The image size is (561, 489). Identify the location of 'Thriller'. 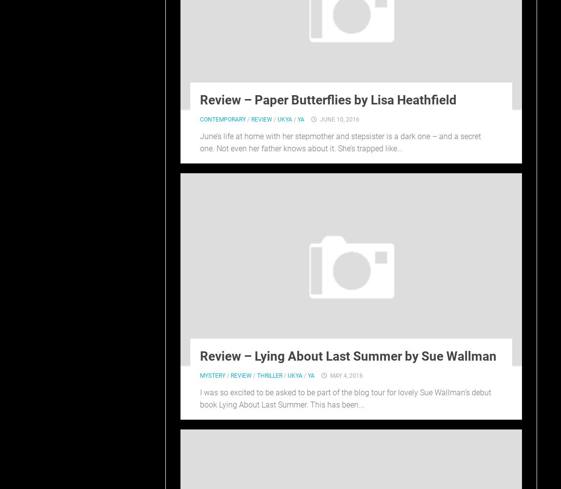
(270, 375).